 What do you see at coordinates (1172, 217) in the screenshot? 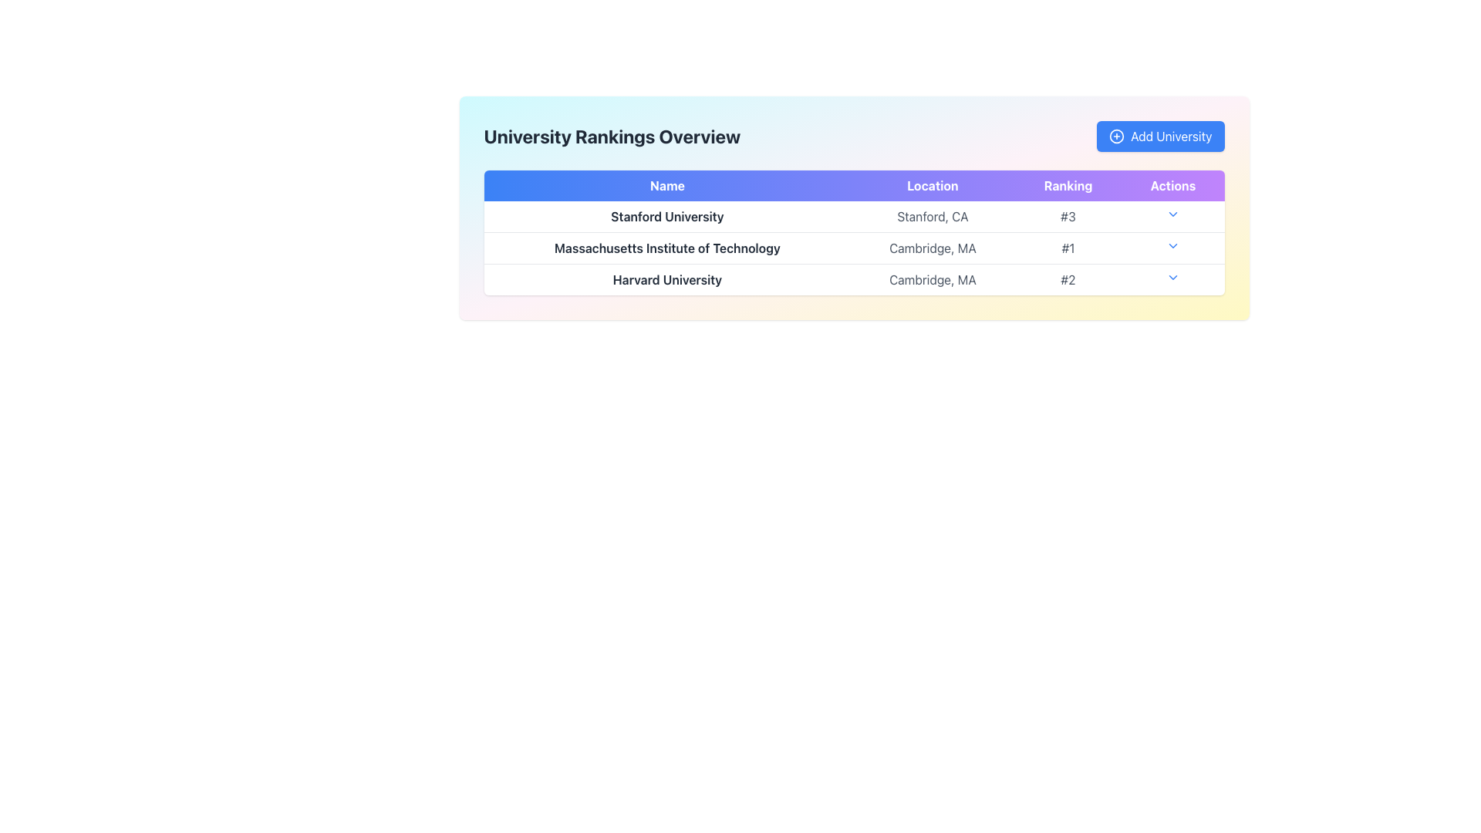
I see `the dropdown toggle button located in the 'Actions' column of the row for 'Stanford University'` at bounding box center [1172, 217].